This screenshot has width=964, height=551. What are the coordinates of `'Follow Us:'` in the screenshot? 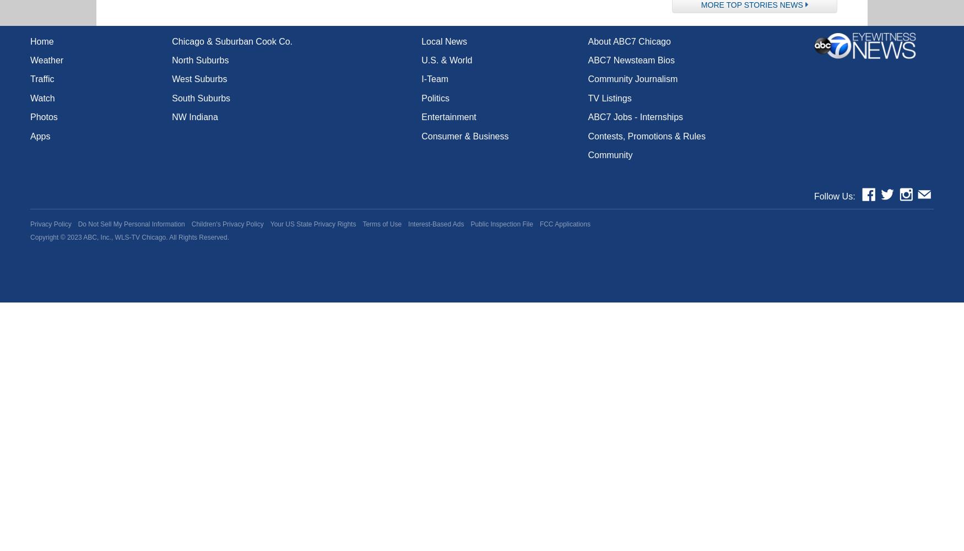 It's located at (814, 196).